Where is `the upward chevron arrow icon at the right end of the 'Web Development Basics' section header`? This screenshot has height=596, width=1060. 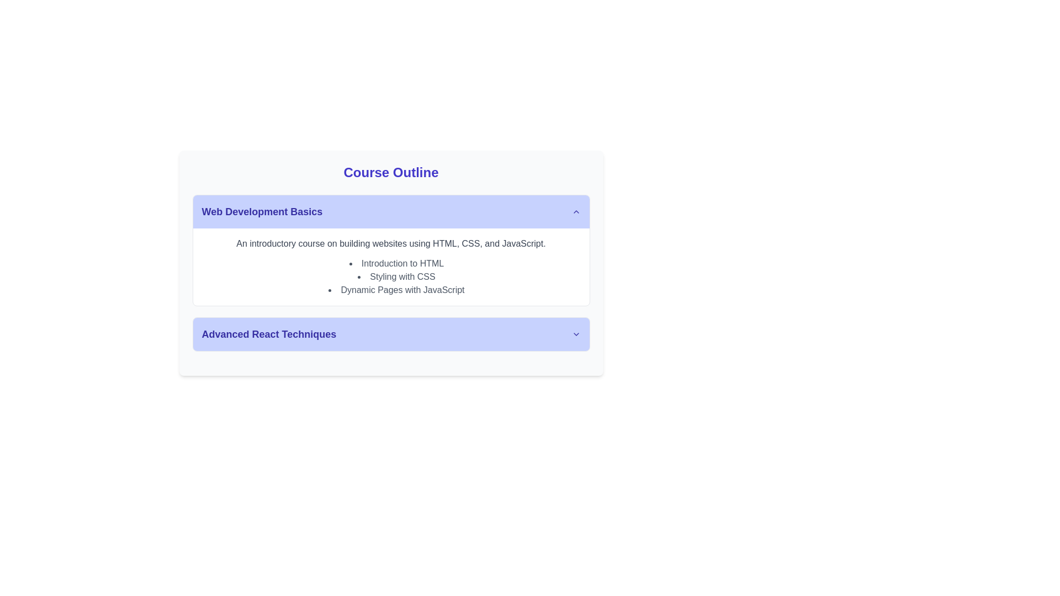
the upward chevron arrow icon at the right end of the 'Web Development Basics' section header is located at coordinates (575, 212).